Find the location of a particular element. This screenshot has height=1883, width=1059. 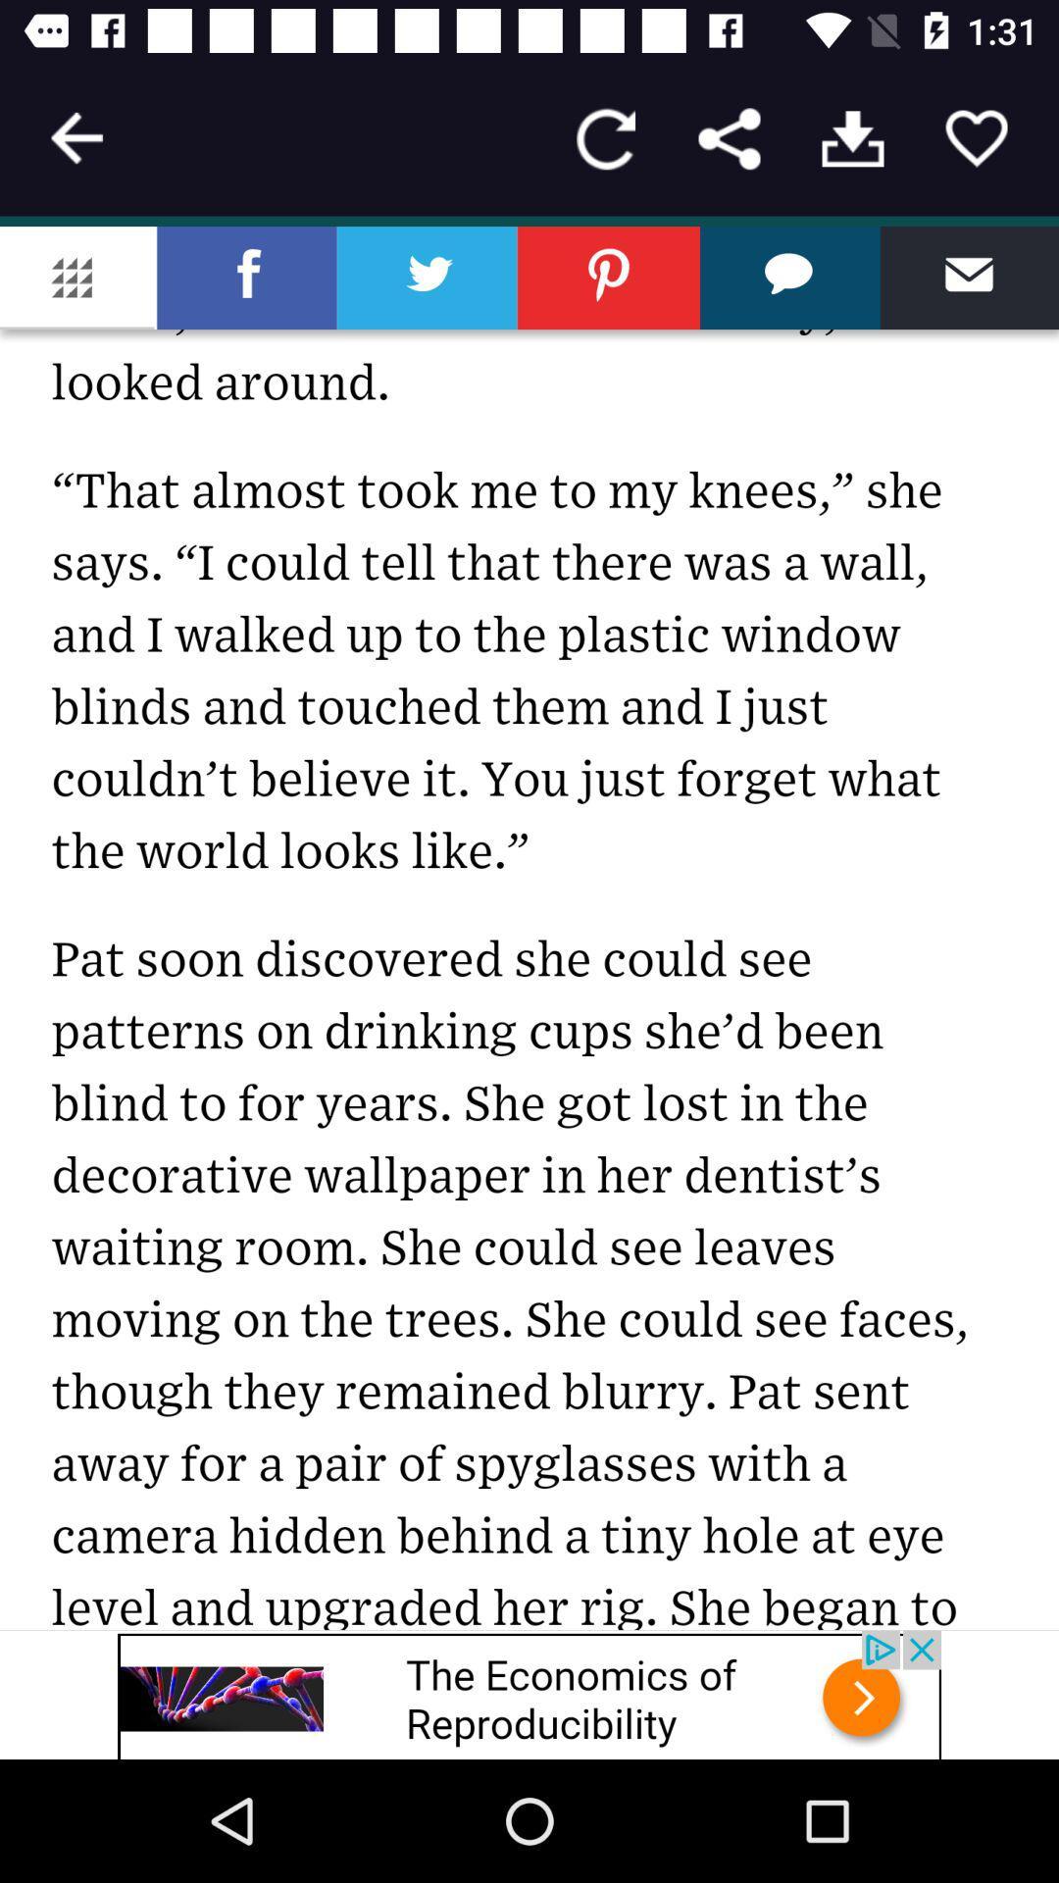

the share icon is located at coordinates (730, 137).